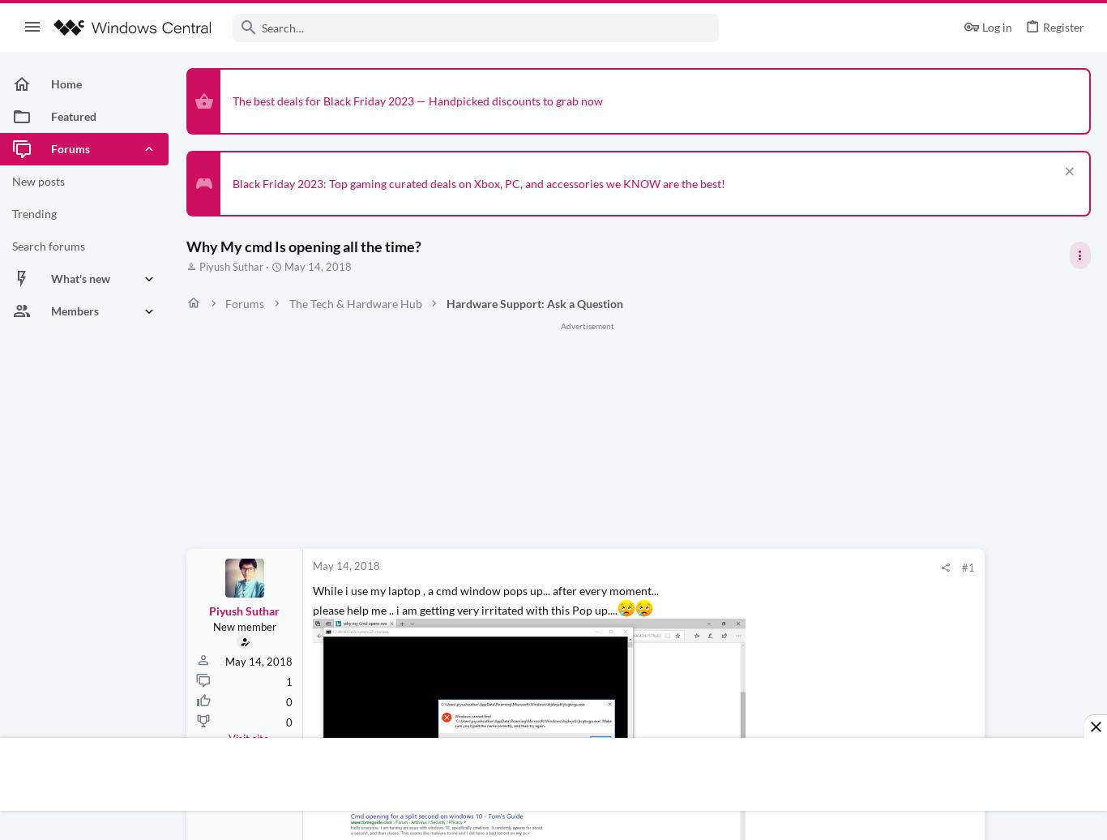 The width and height of the screenshot is (1107, 840). What do you see at coordinates (815, 568) in the screenshot?
I see `'#1'` at bounding box center [815, 568].